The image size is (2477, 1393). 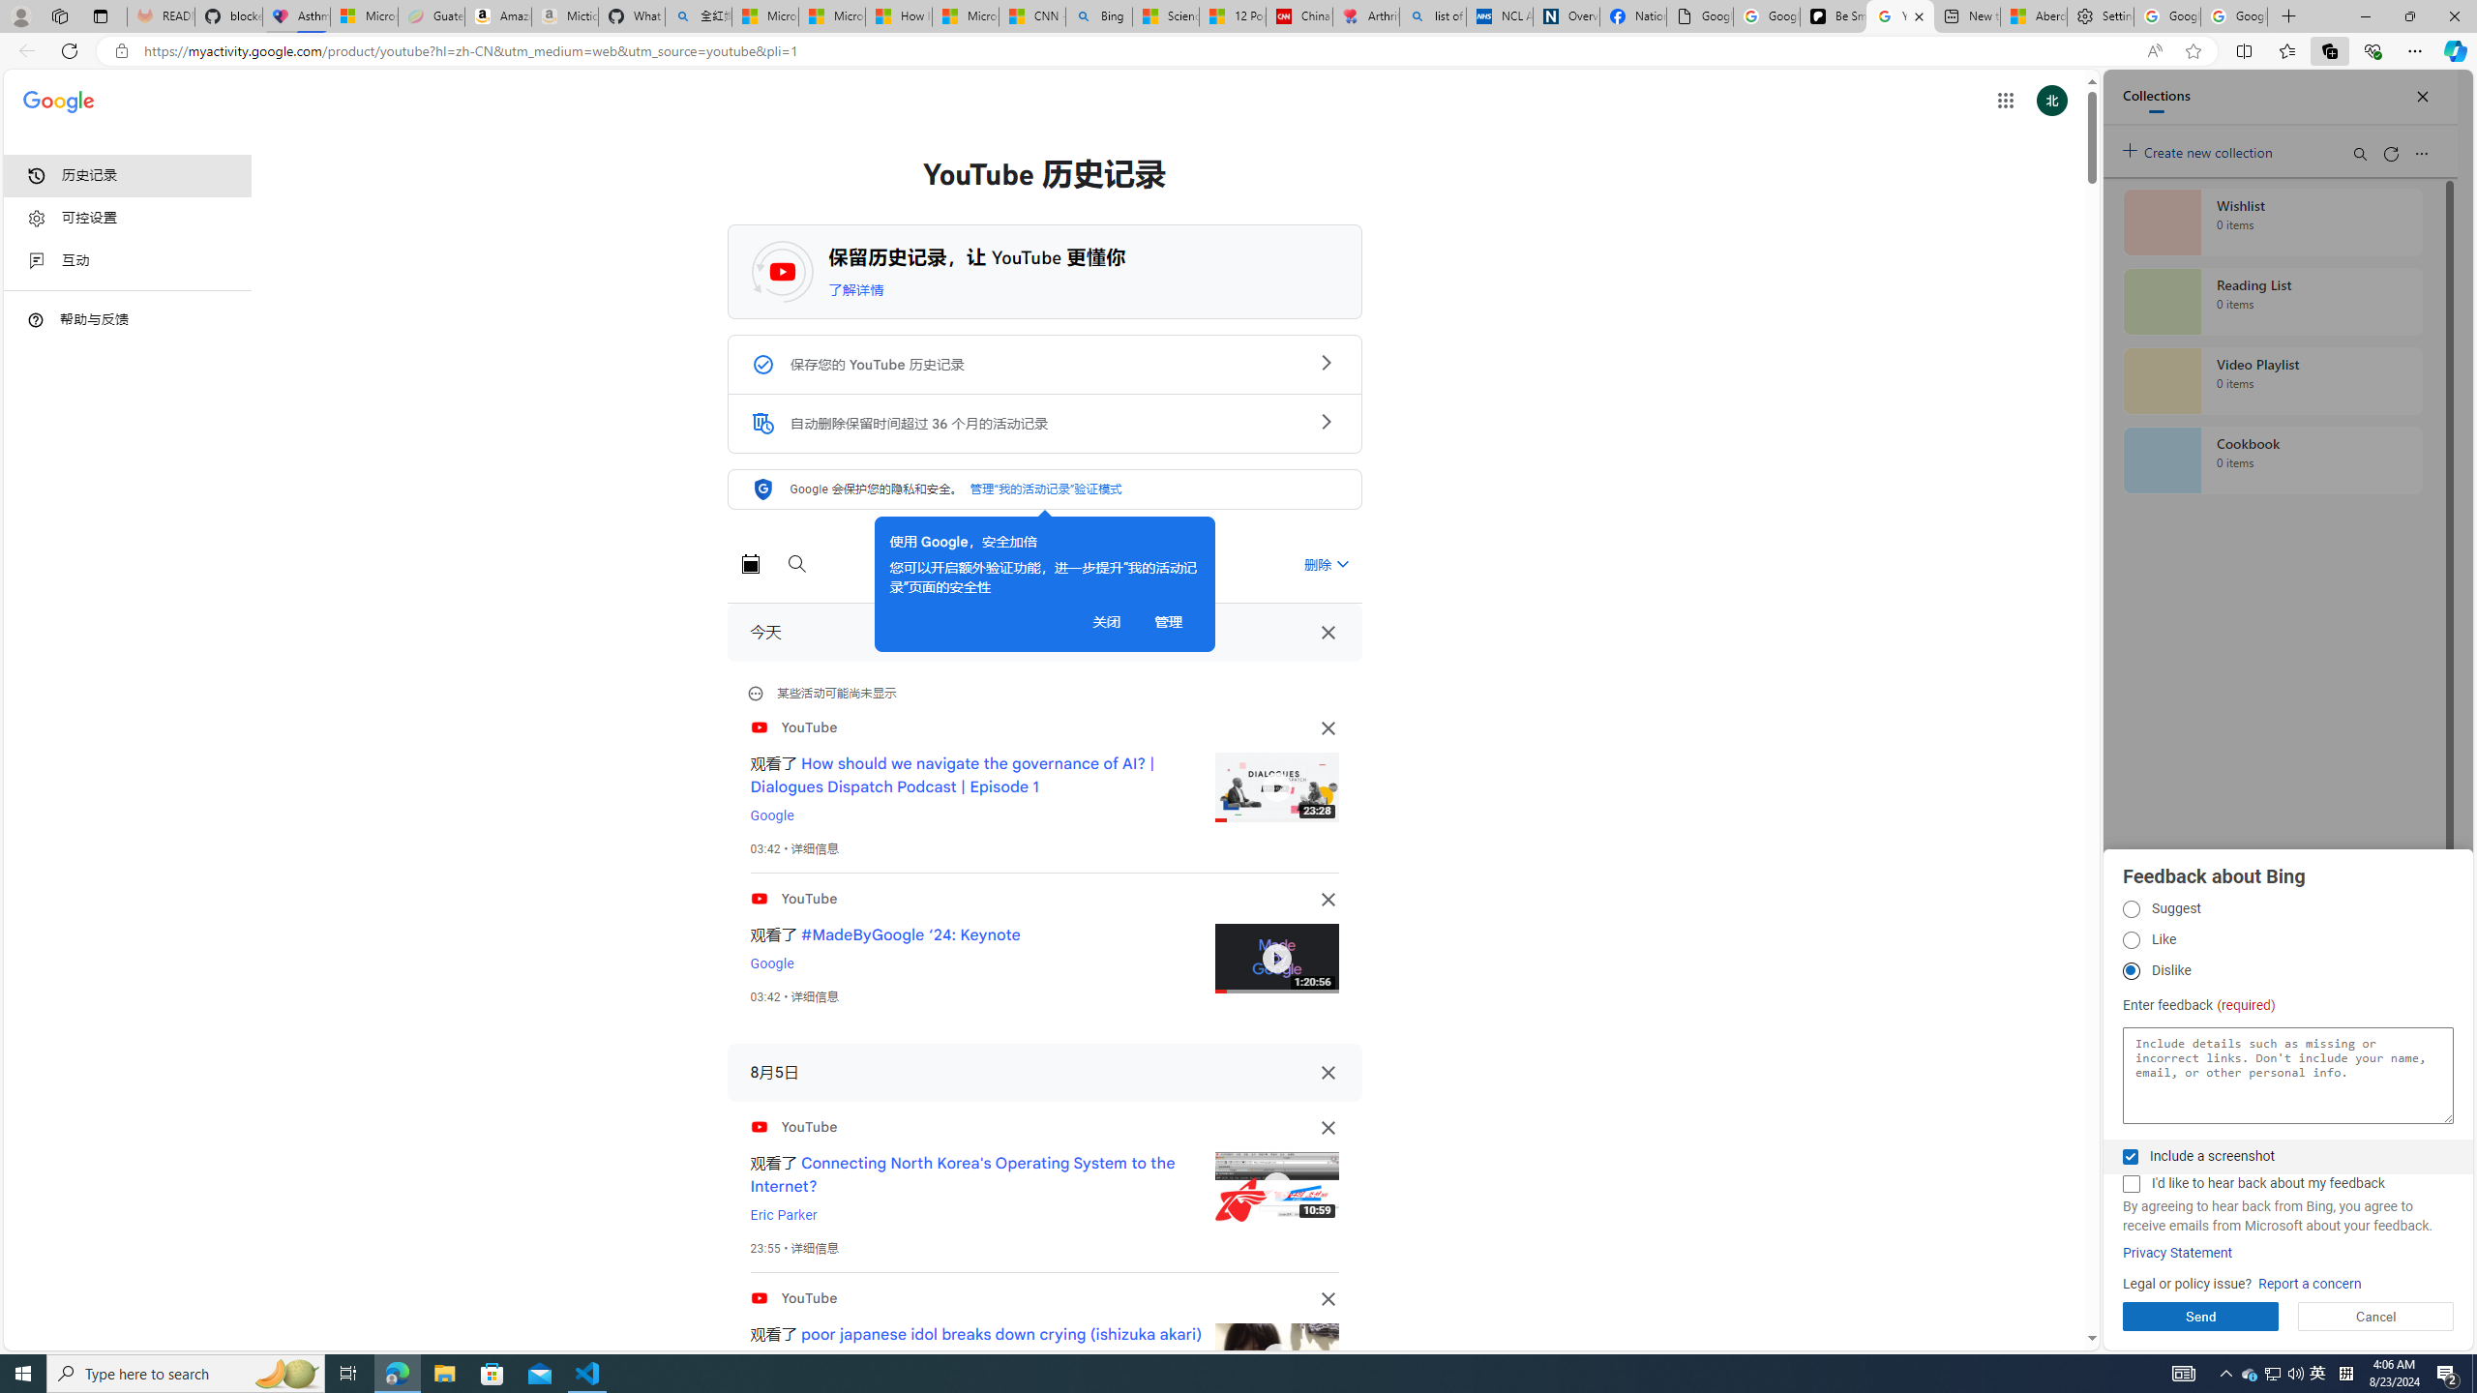 I want to click on 'Suggest Suggest', so click(x=2130, y=908).